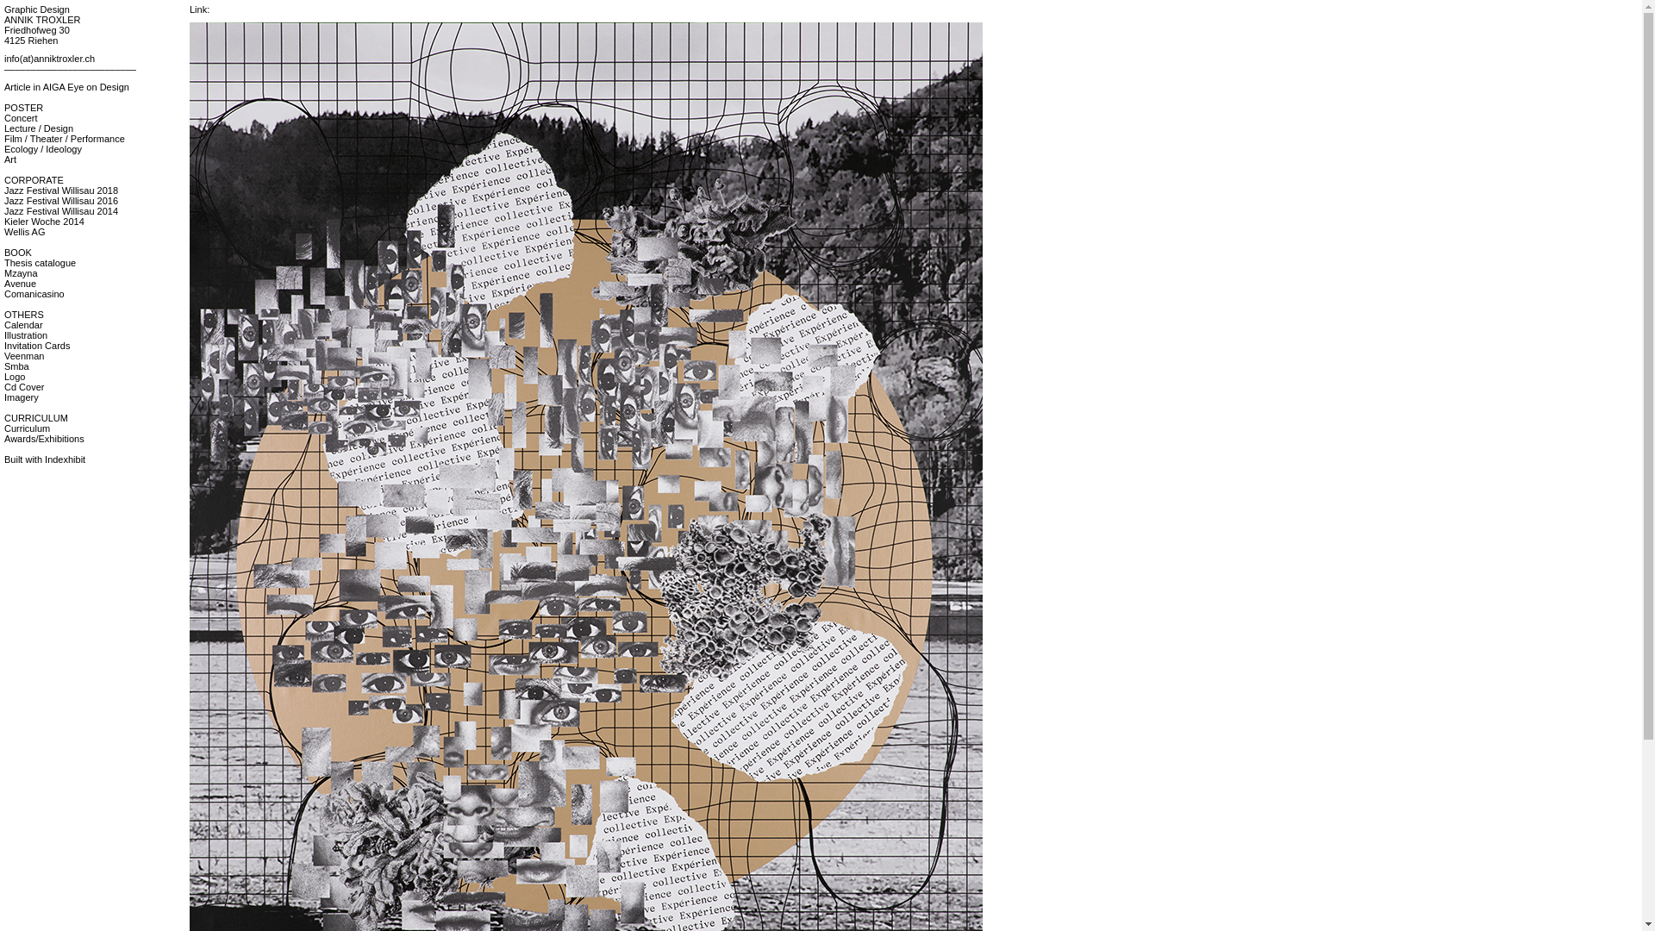 Image resolution: width=1655 pixels, height=931 pixels. Describe the element at coordinates (24, 385) in the screenshot. I see `'Cd Cover'` at that location.